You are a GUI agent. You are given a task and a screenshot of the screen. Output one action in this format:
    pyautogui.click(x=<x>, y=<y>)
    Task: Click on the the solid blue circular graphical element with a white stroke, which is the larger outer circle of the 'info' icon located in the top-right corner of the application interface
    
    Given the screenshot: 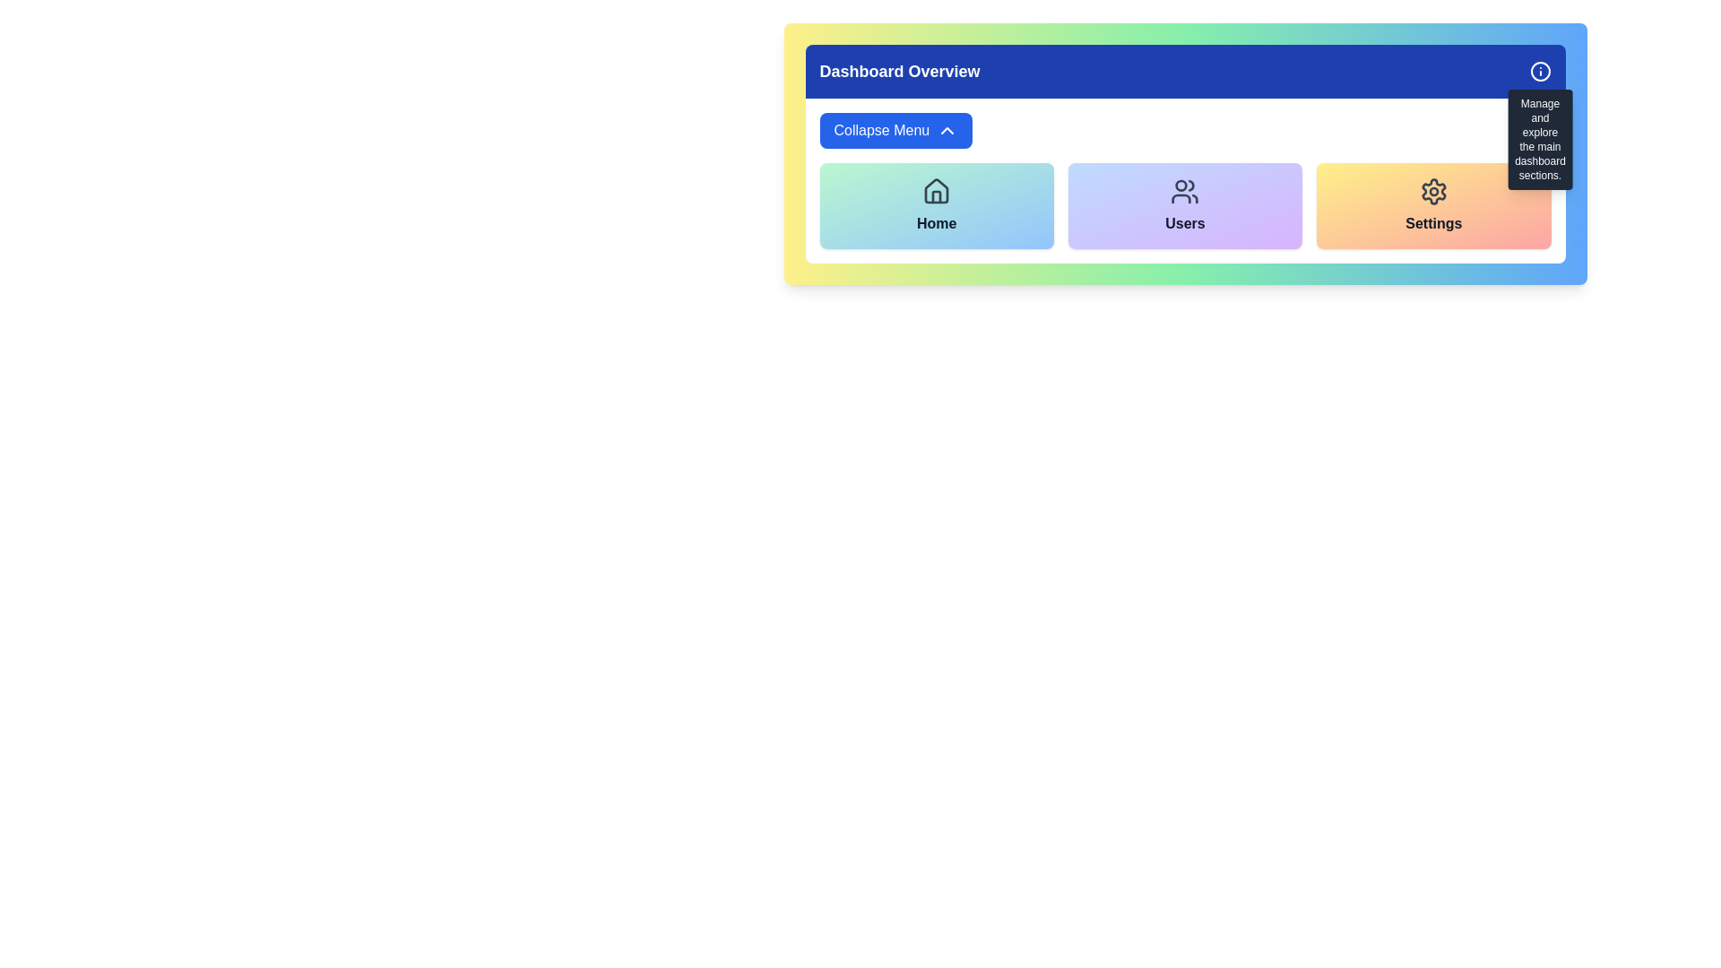 What is the action you would take?
    pyautogui.click(x=1539, y=71)
    